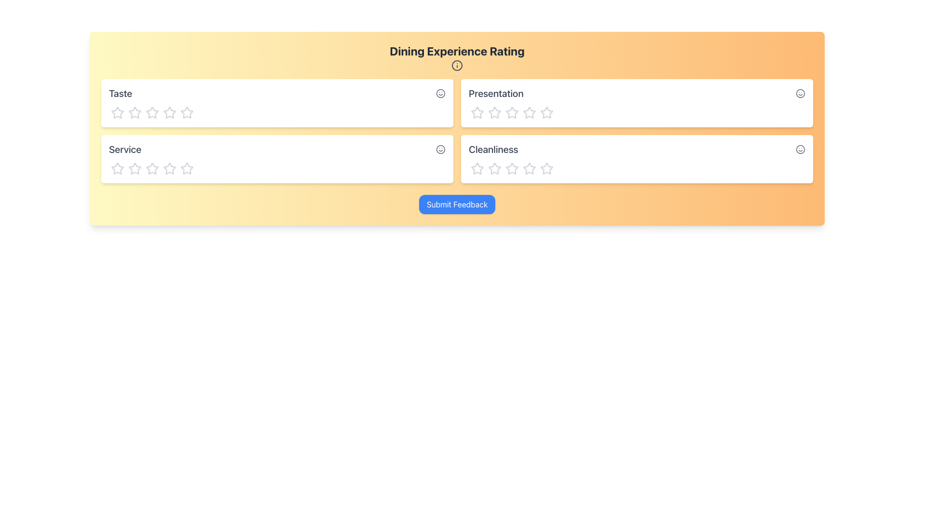  What do you see at coordinates (495, 111) in the screenshot?
I see `the third star icon in the group of five for rating in the 'Presentation' section` at bounding box center [495, 111].